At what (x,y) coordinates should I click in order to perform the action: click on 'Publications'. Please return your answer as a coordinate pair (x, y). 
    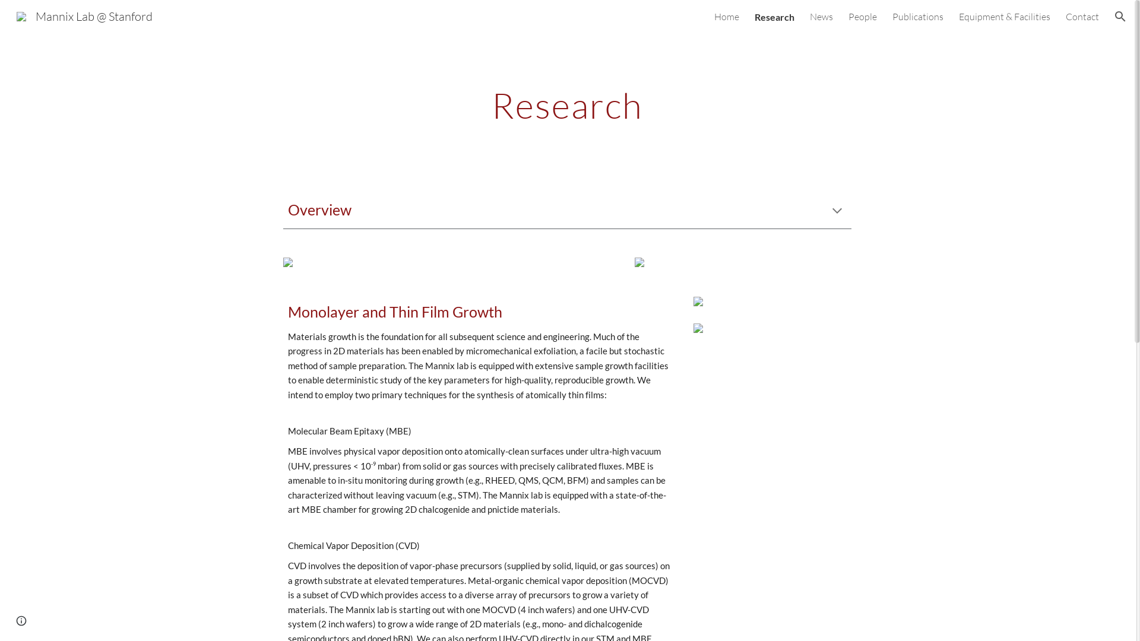
    Looking at the image, I should click on (892, 16).